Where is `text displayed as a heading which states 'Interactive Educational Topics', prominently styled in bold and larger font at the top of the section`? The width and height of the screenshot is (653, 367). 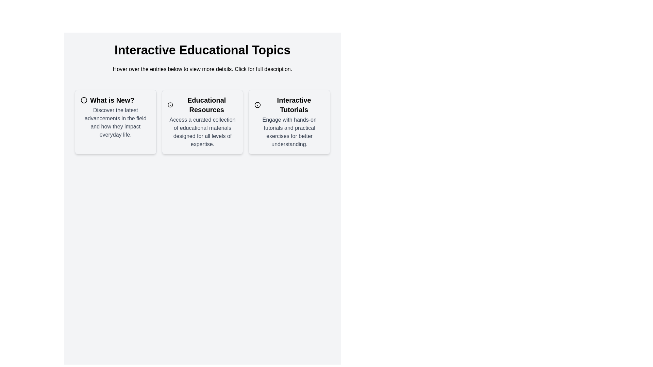 text displayed as a heading which states 'Interactive Educational Topics', prominently styled in bold and larger font at the top of the section is located at coordinates (202, 50).